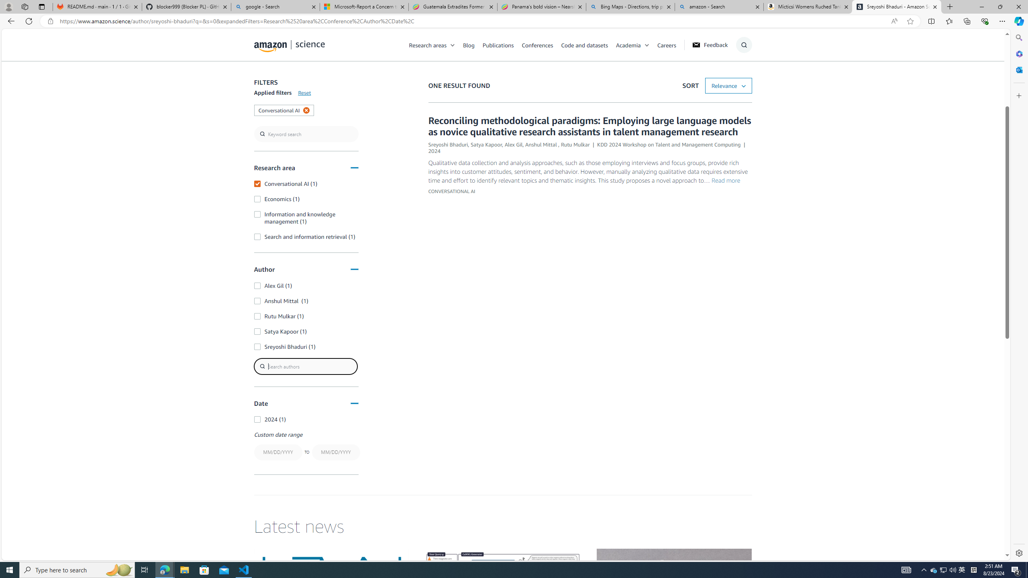 The width and height of the screenshot is (1028, 578). Describe the element at coordinates (718, 6) in the screenshot. I see `'amazon - Search'` at that location.